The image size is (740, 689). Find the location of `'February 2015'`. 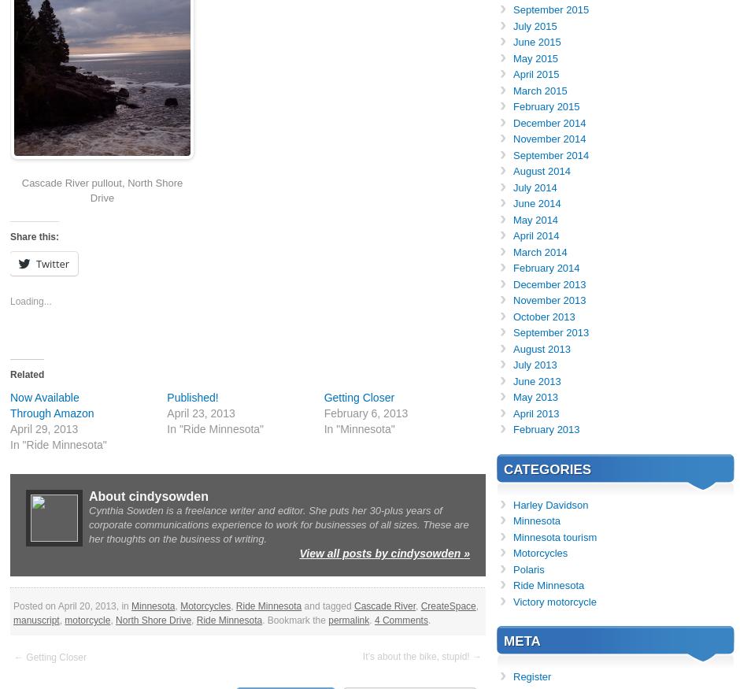

'February 2015' is located at coordinates (546, 106).